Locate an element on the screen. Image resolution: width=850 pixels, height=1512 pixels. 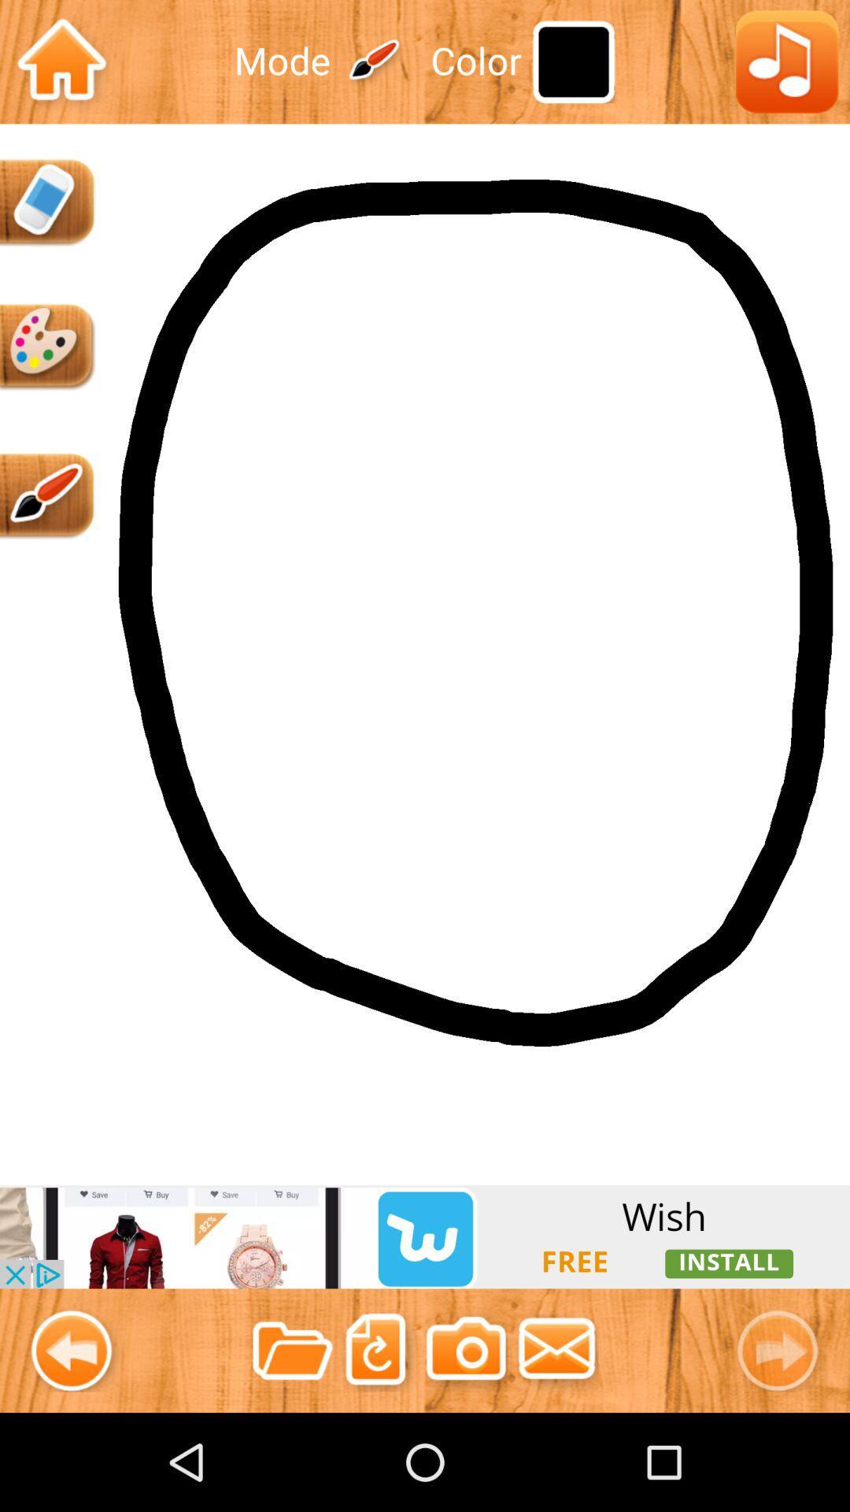
move forward is located at coordinates (784, 1350).